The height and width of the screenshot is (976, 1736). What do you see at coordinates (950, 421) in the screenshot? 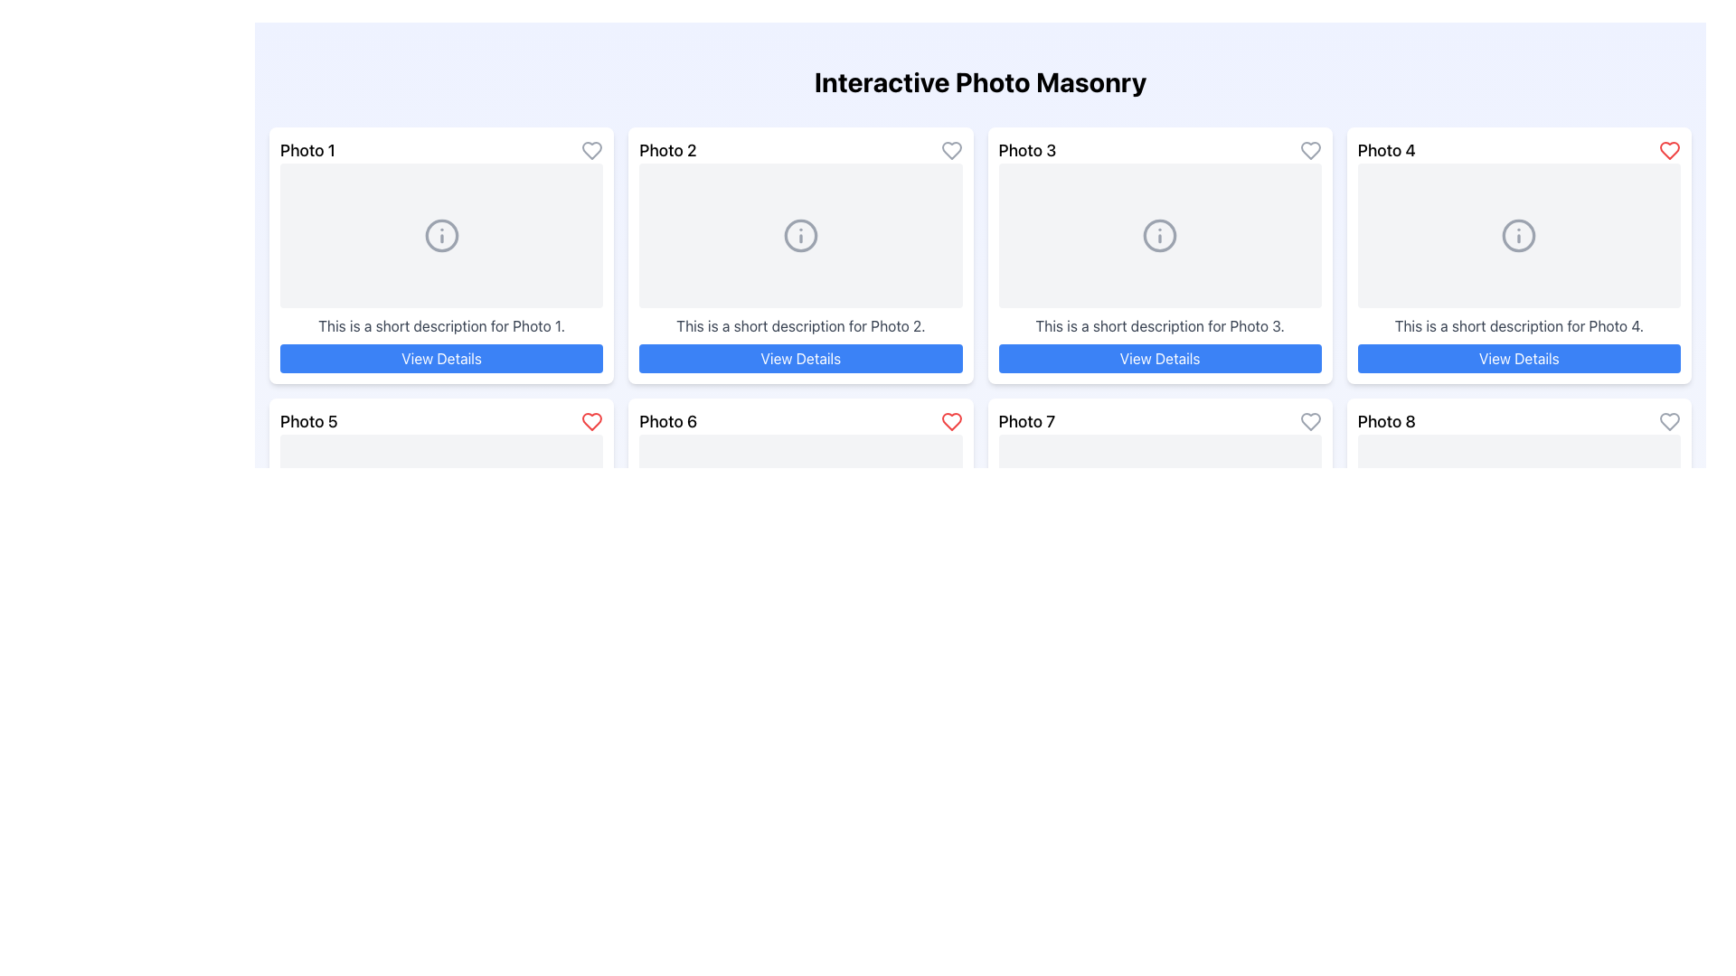
I see `the heart-shaped icon located in the lower right corner above the 'Photo 6' card` at bounding box center [950, 421].